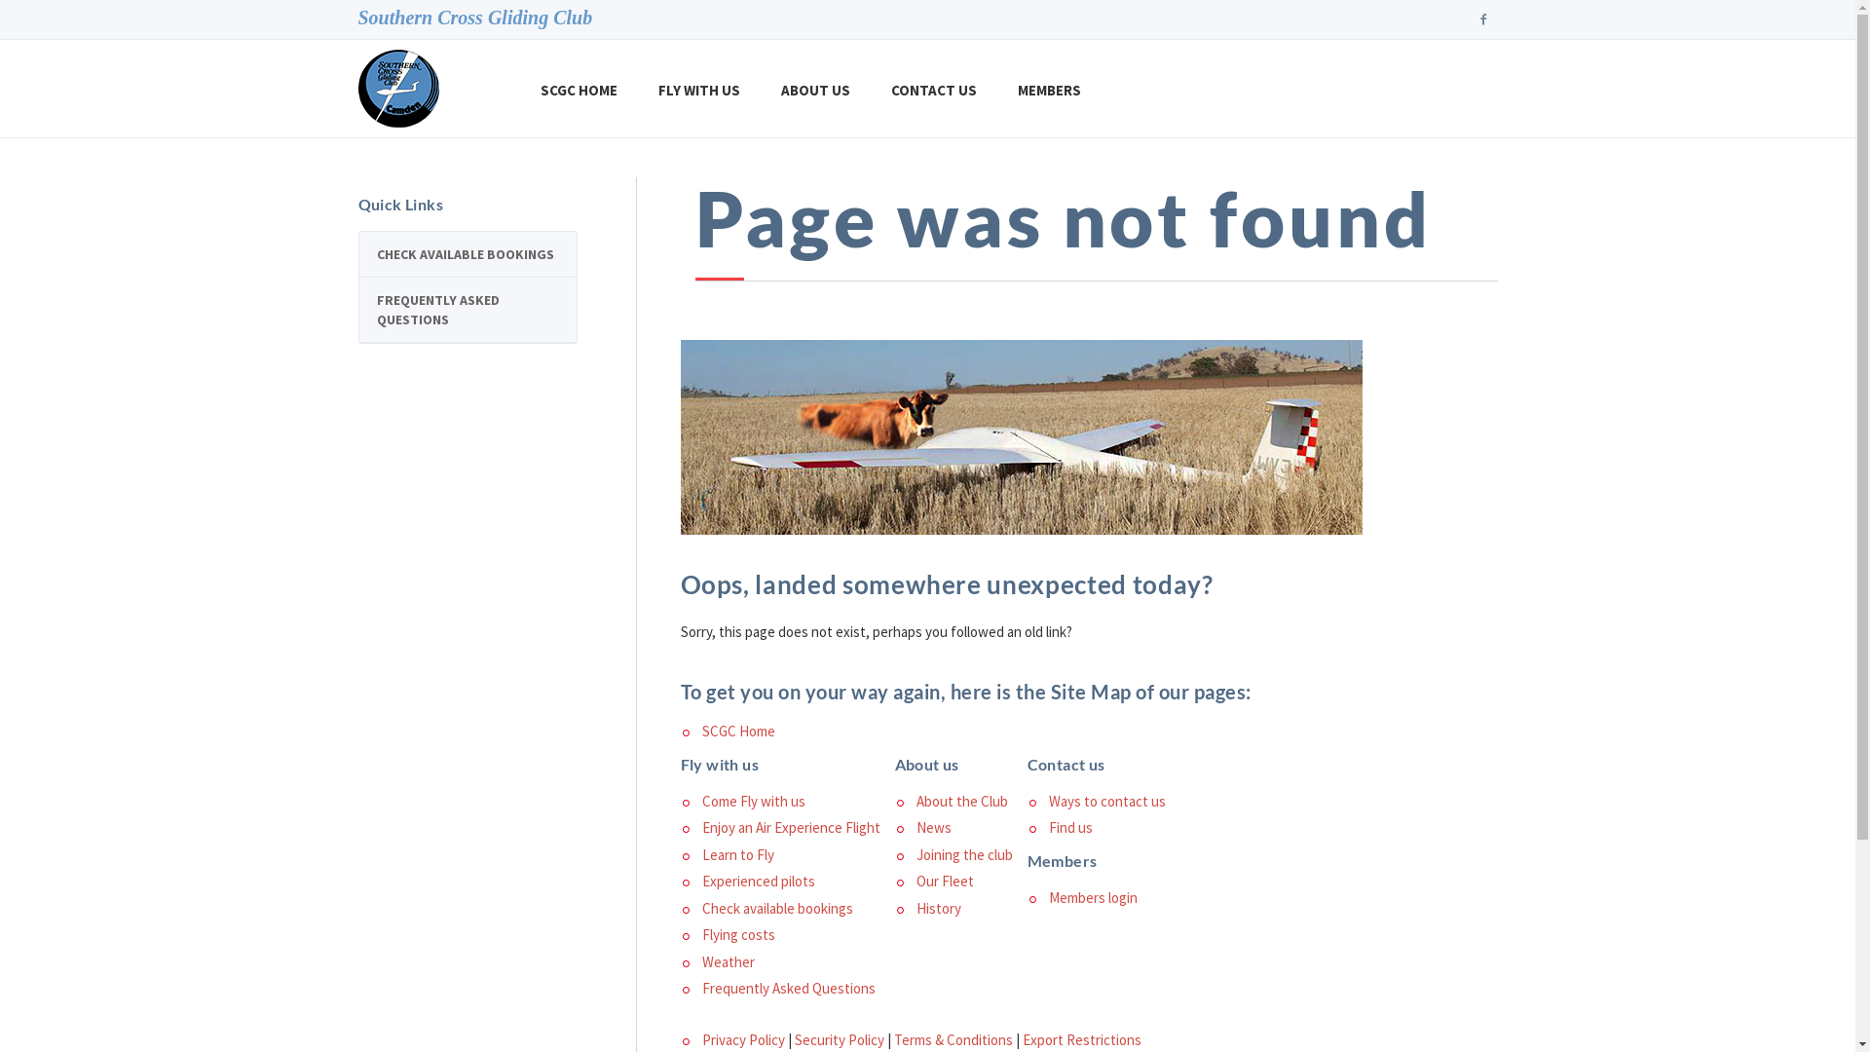  I want to click on 'CONTACT US', so click(869, 89).